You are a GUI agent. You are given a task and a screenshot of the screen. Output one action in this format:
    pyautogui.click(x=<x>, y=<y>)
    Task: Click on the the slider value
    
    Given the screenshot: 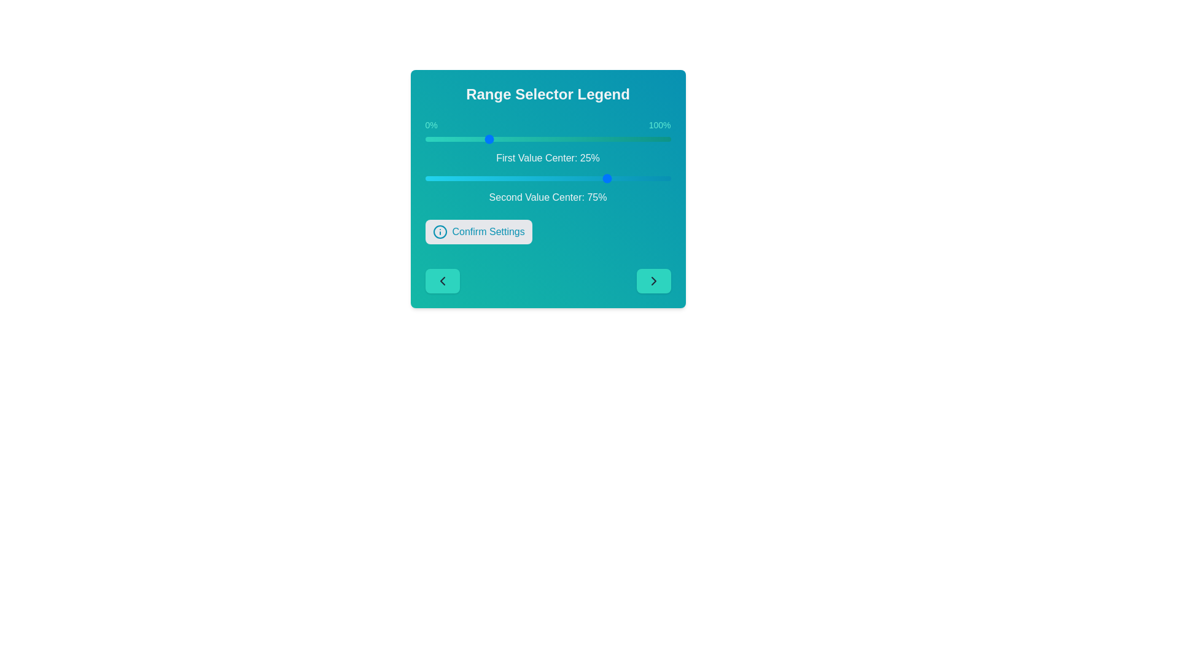 What is the action you would take?
    pyautogui.click(x=557, y=139)
    